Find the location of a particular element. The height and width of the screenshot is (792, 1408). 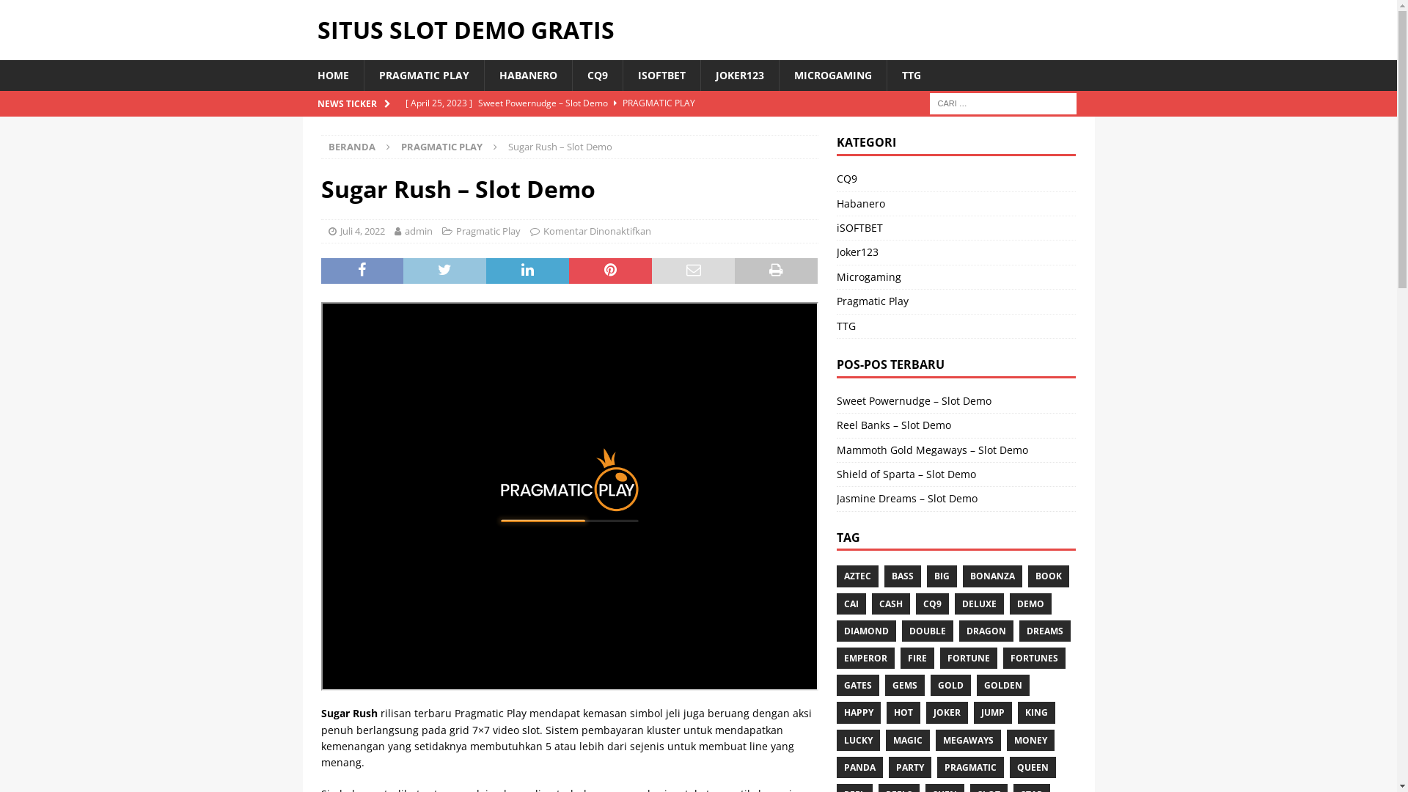

'GEMS' is located at coordinates (903, 685).